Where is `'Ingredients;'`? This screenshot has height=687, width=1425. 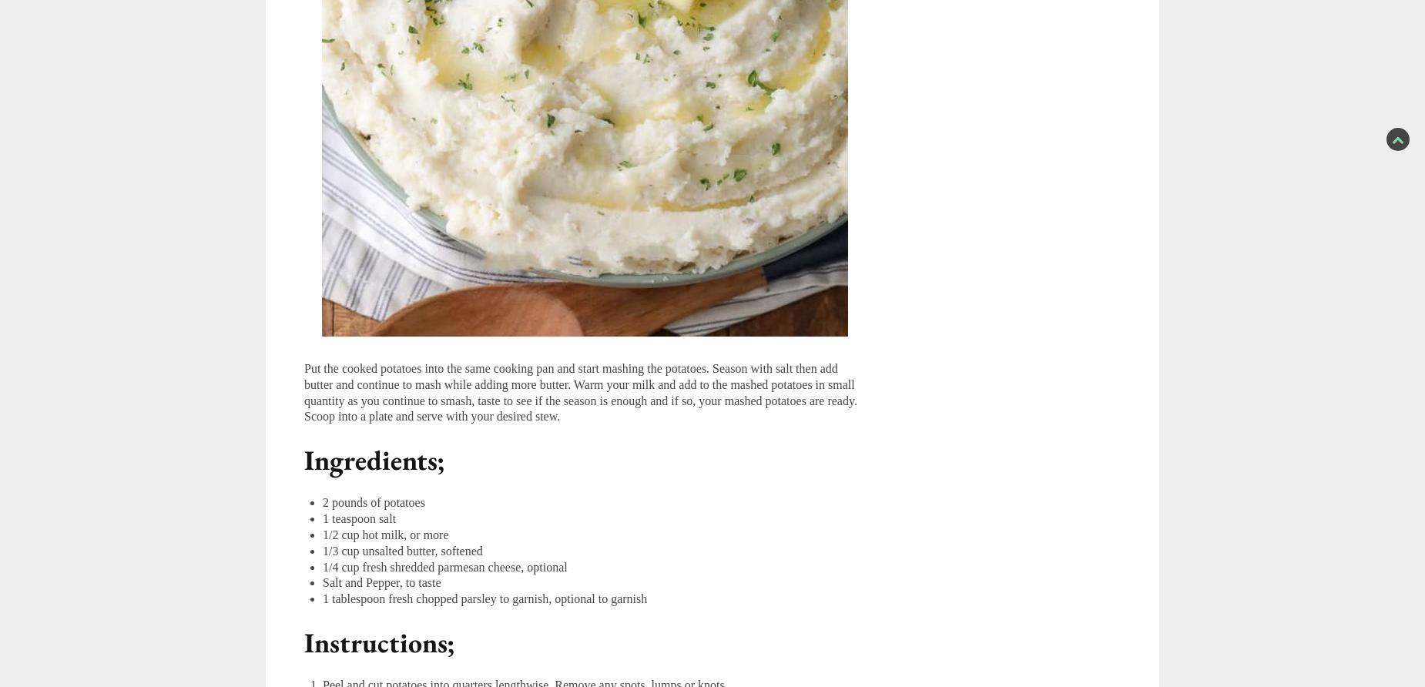
'Ingredients;' is located at coordinates (303, 459).